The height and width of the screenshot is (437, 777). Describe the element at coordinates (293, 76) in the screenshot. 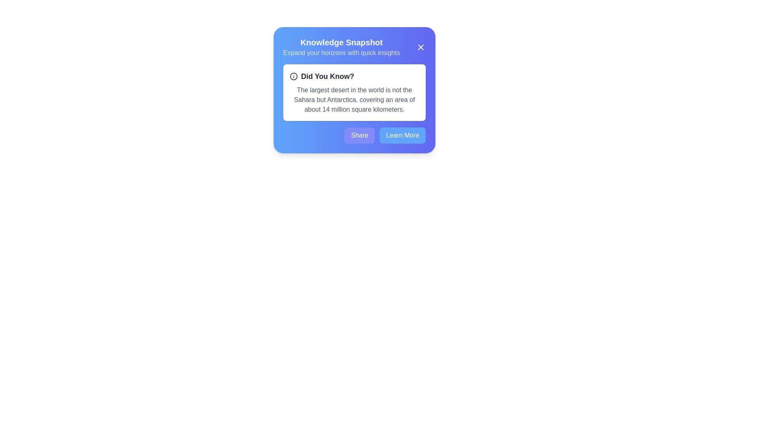

I see `the informational or decorative icon located to the left of the 'Did You Know?' text in the 'Knowledge Snapshot' panel` at that location.